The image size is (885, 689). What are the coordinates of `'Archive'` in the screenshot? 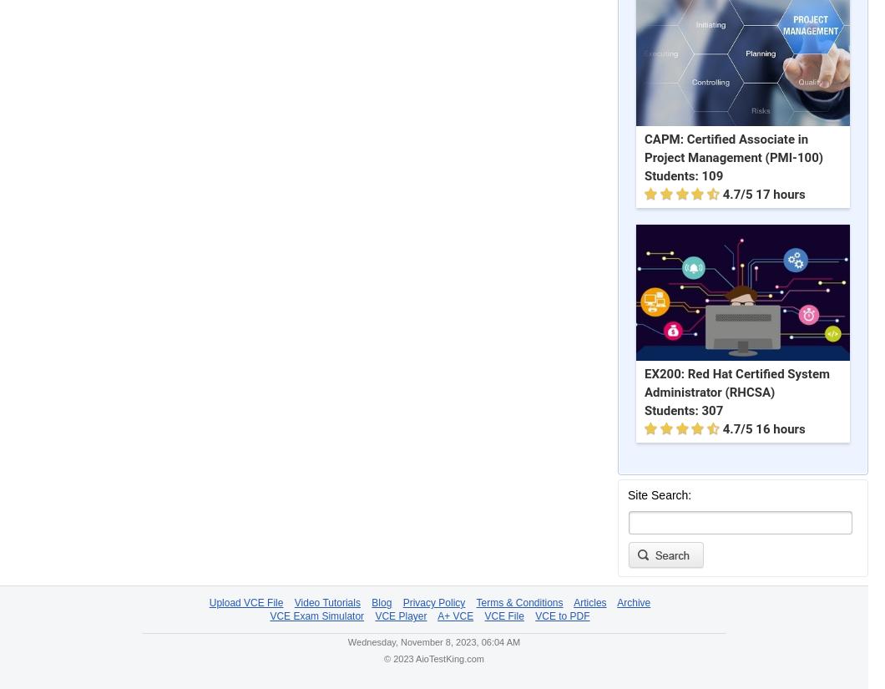 It's located at (632, 602).